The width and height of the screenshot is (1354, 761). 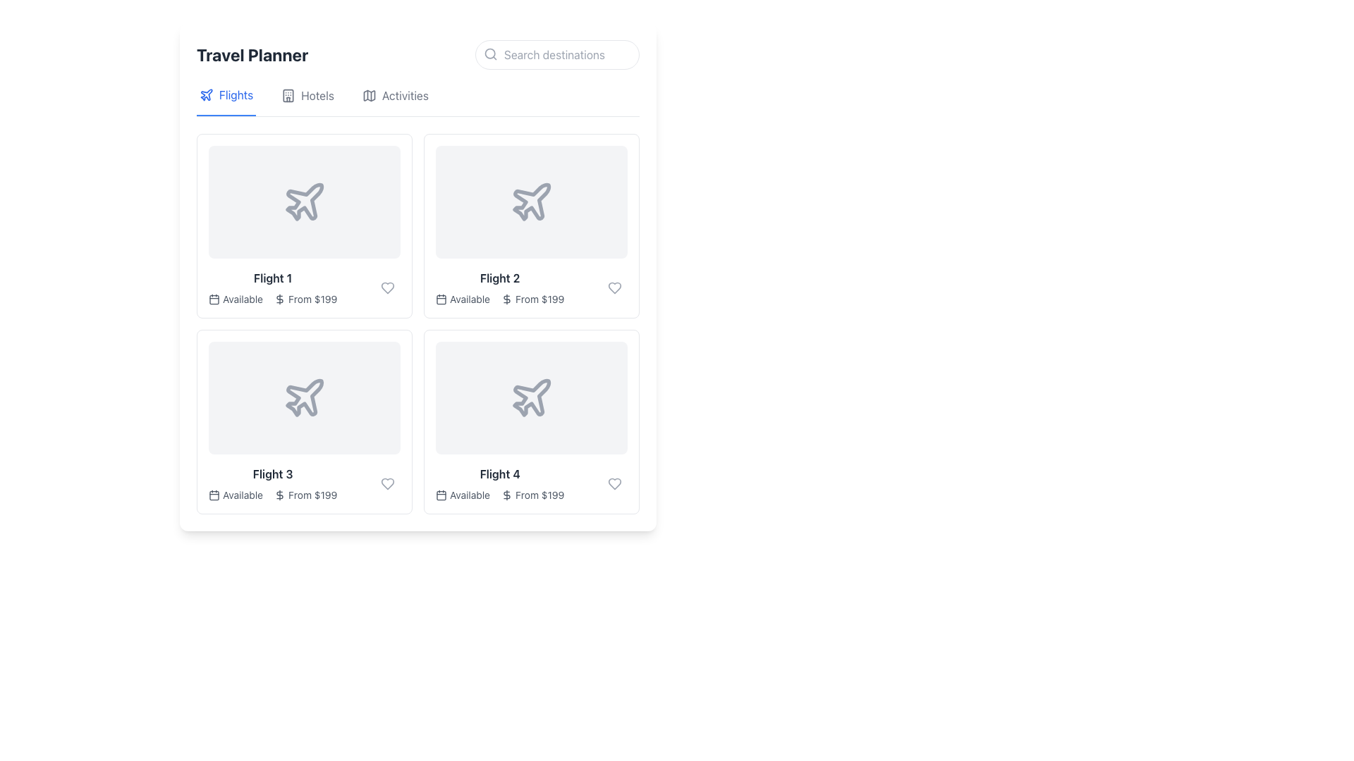 What do you see at coordinates (500, 287) in the screenshot?
I see `to select or highlight the composite information card displaying 'Flight 2', 'Available', and 'From $199', which is located in the top-right of the grid in the 'Flights' section` at bounding box center [500, 287].